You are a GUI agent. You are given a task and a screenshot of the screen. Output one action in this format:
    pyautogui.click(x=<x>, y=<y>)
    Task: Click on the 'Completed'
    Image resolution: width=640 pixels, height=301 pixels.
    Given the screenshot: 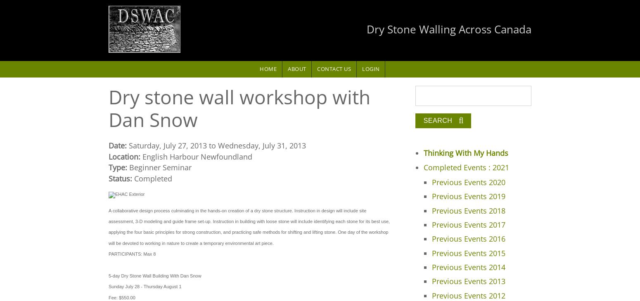 What is the action you would take?
    pyautogui.click(x=153, y=178)
    